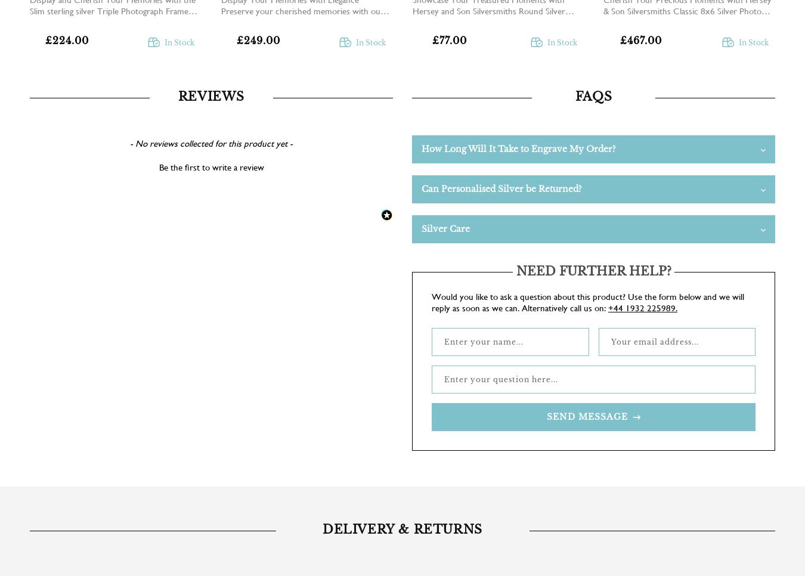 This screenshot has width=805, height=576. I want to click on 'Enter your name...', so click(484, 341).